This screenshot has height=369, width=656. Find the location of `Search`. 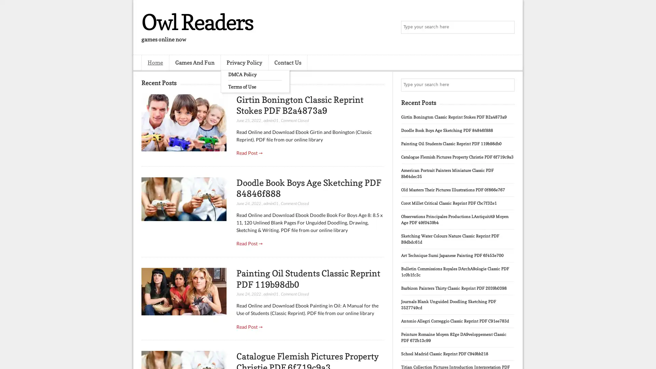

Search is located at coordinates (507, 27).